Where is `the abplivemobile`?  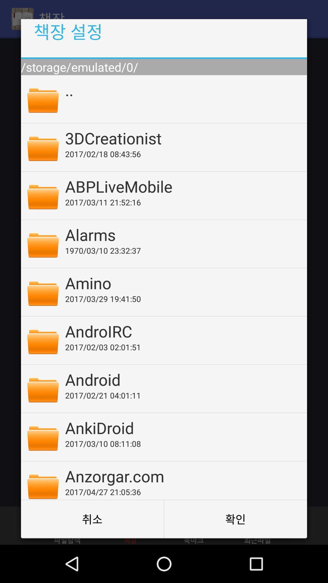
the abplivemobile is located at coordinates (182, 186).